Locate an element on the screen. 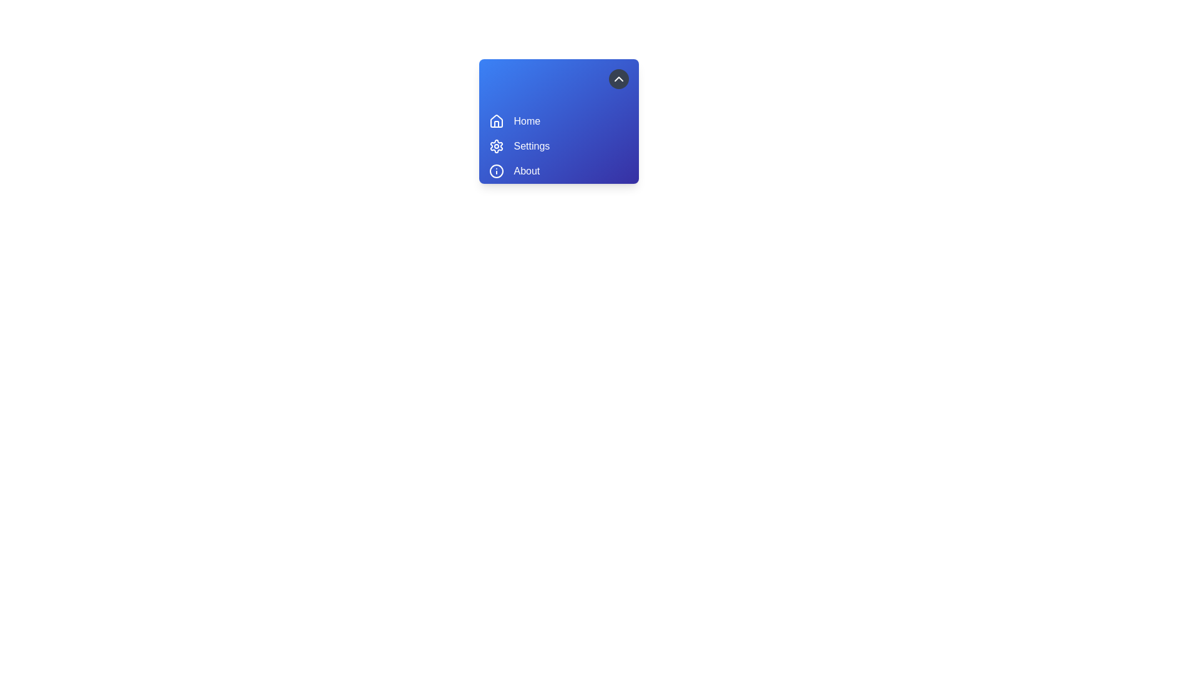  the 'Home' icon to trigger a tooltip or highlight effect is located at coordinates (495, 122).